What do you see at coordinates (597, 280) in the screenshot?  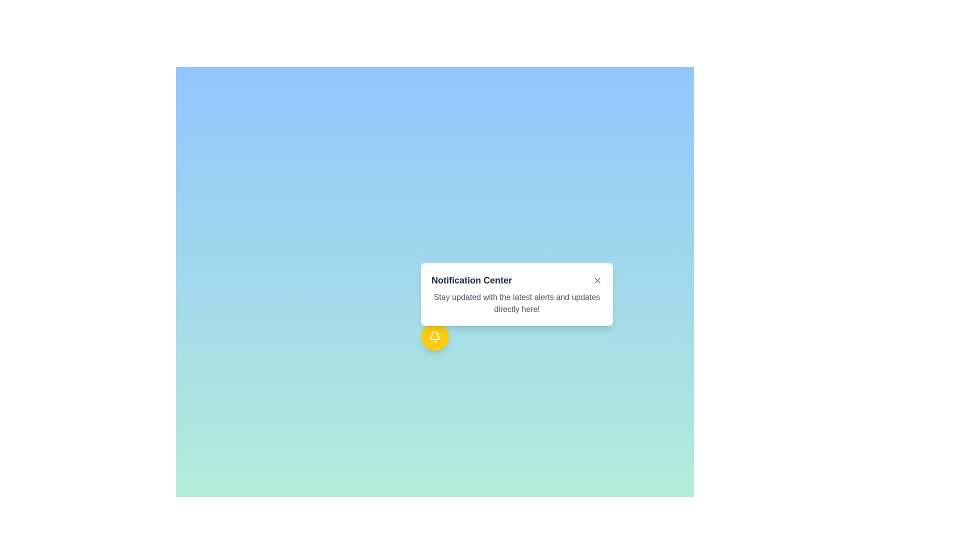 I see `the Close button icon, represented as a diagonal cross in the top-right corner of the notification card` at bounding box center [597, 280].